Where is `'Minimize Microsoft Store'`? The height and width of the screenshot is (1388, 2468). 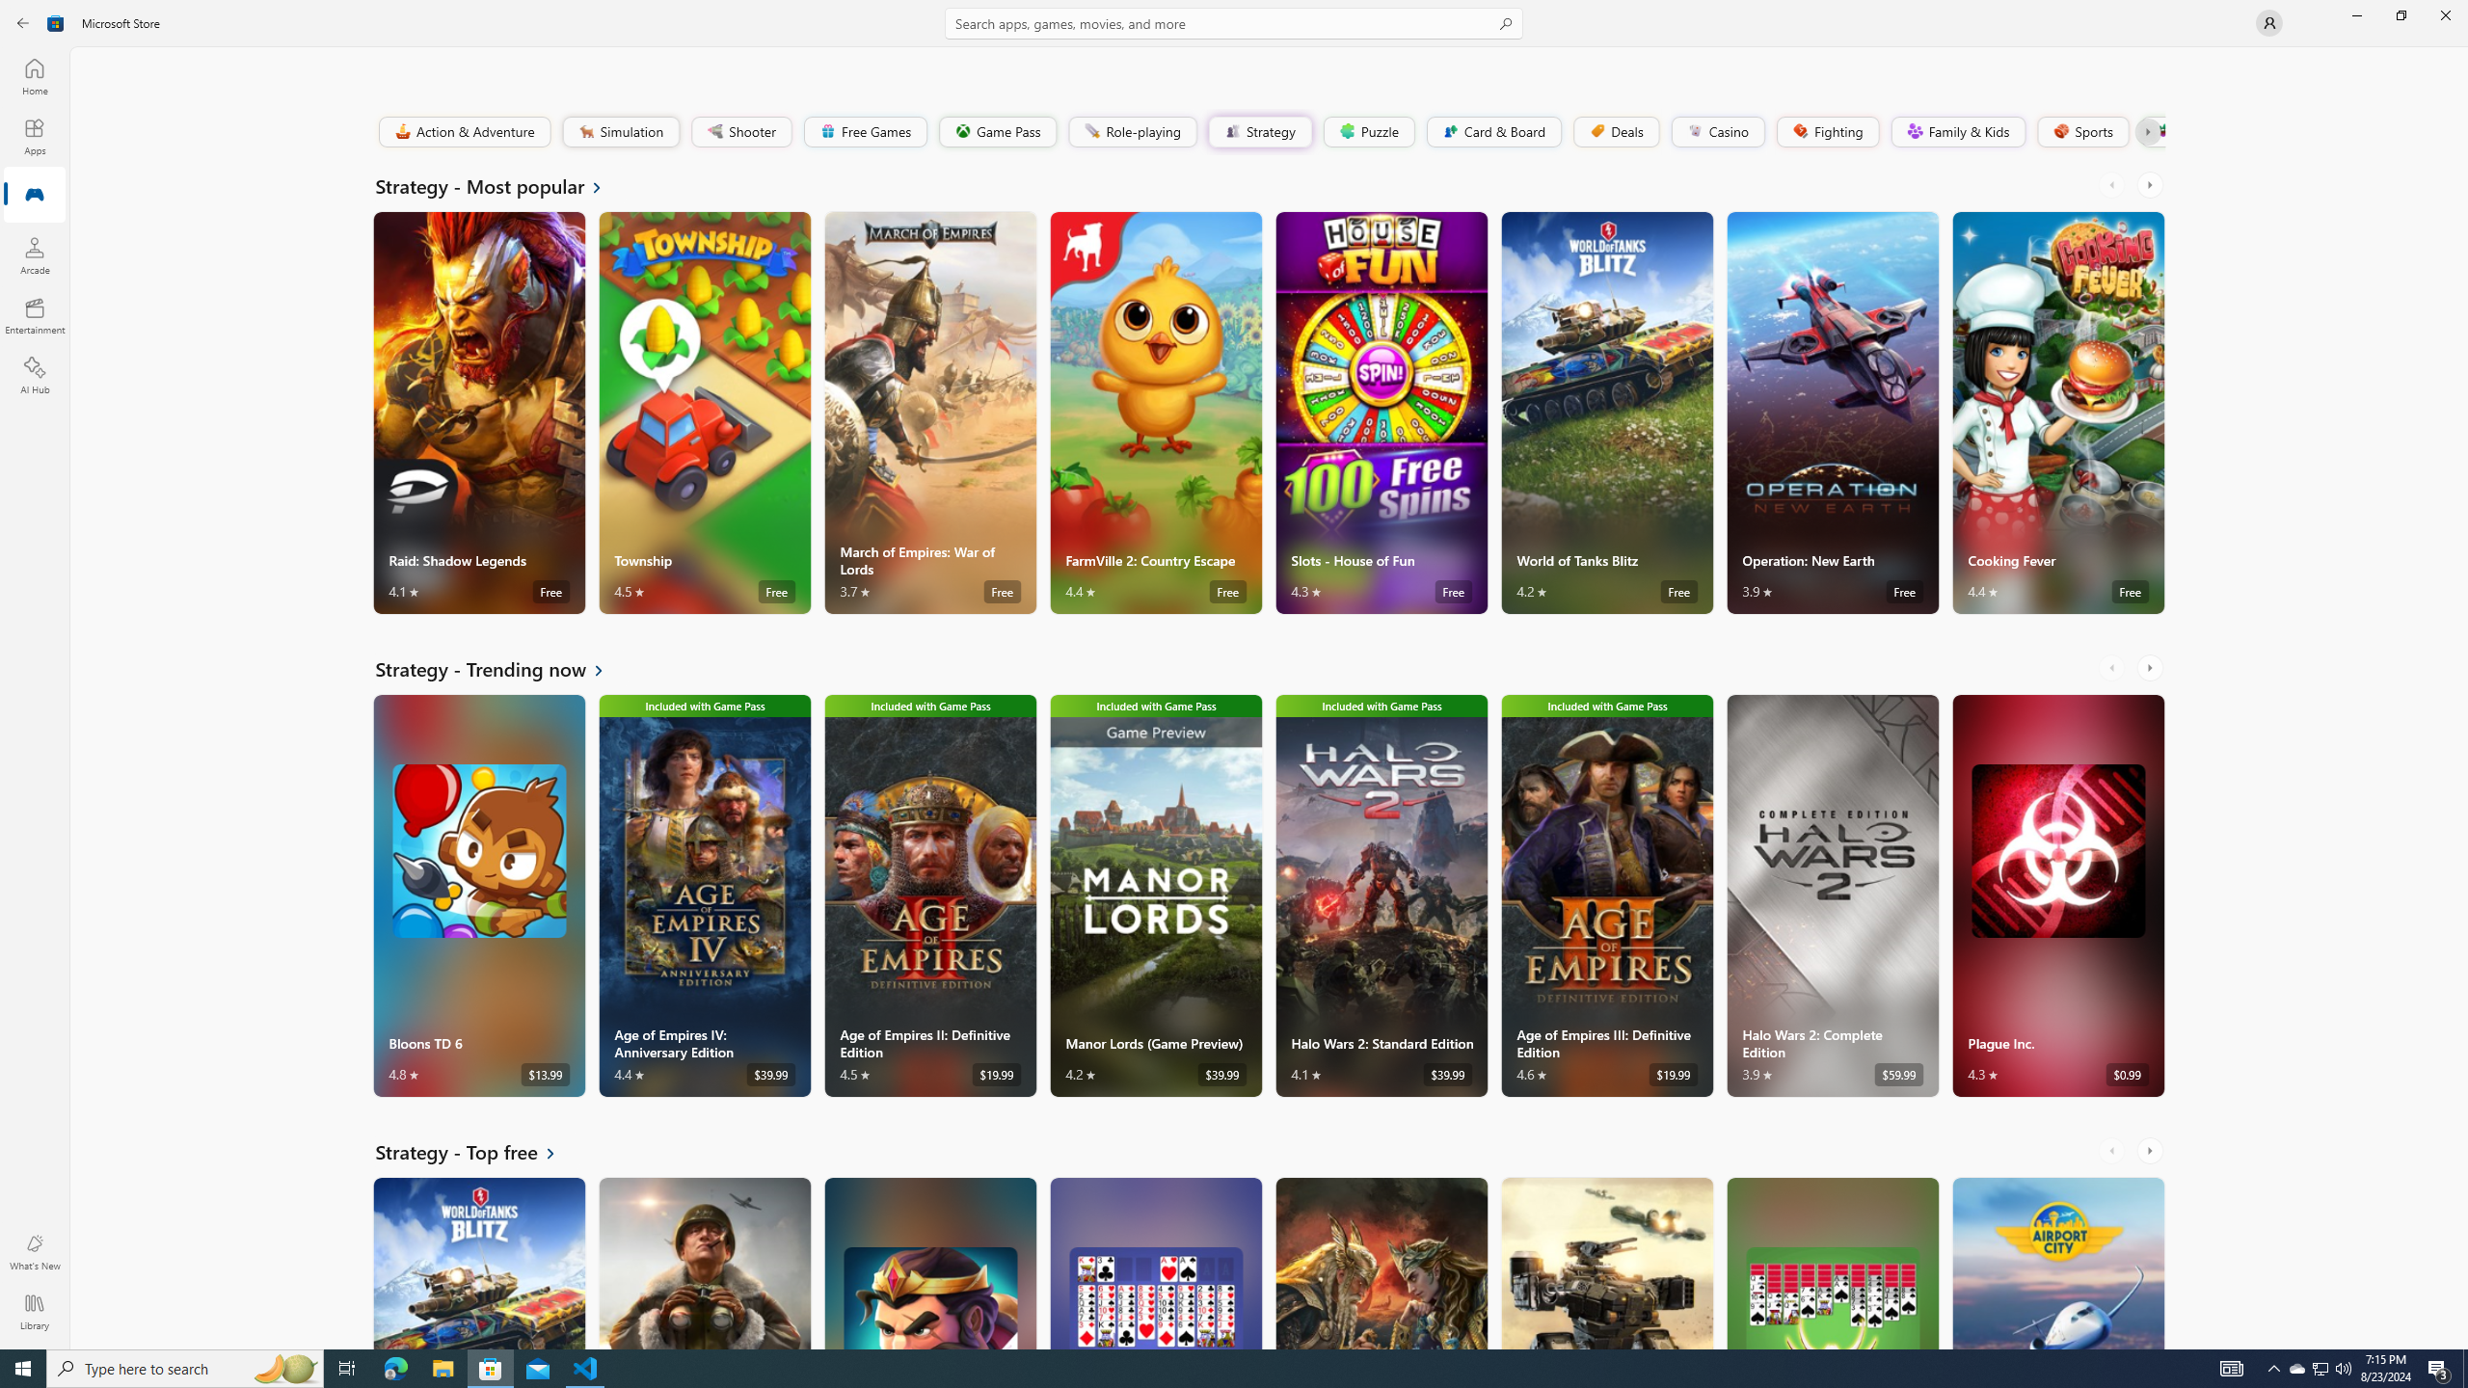
'Minimize Microsoft Store' is located at coordinates (2355, 14).